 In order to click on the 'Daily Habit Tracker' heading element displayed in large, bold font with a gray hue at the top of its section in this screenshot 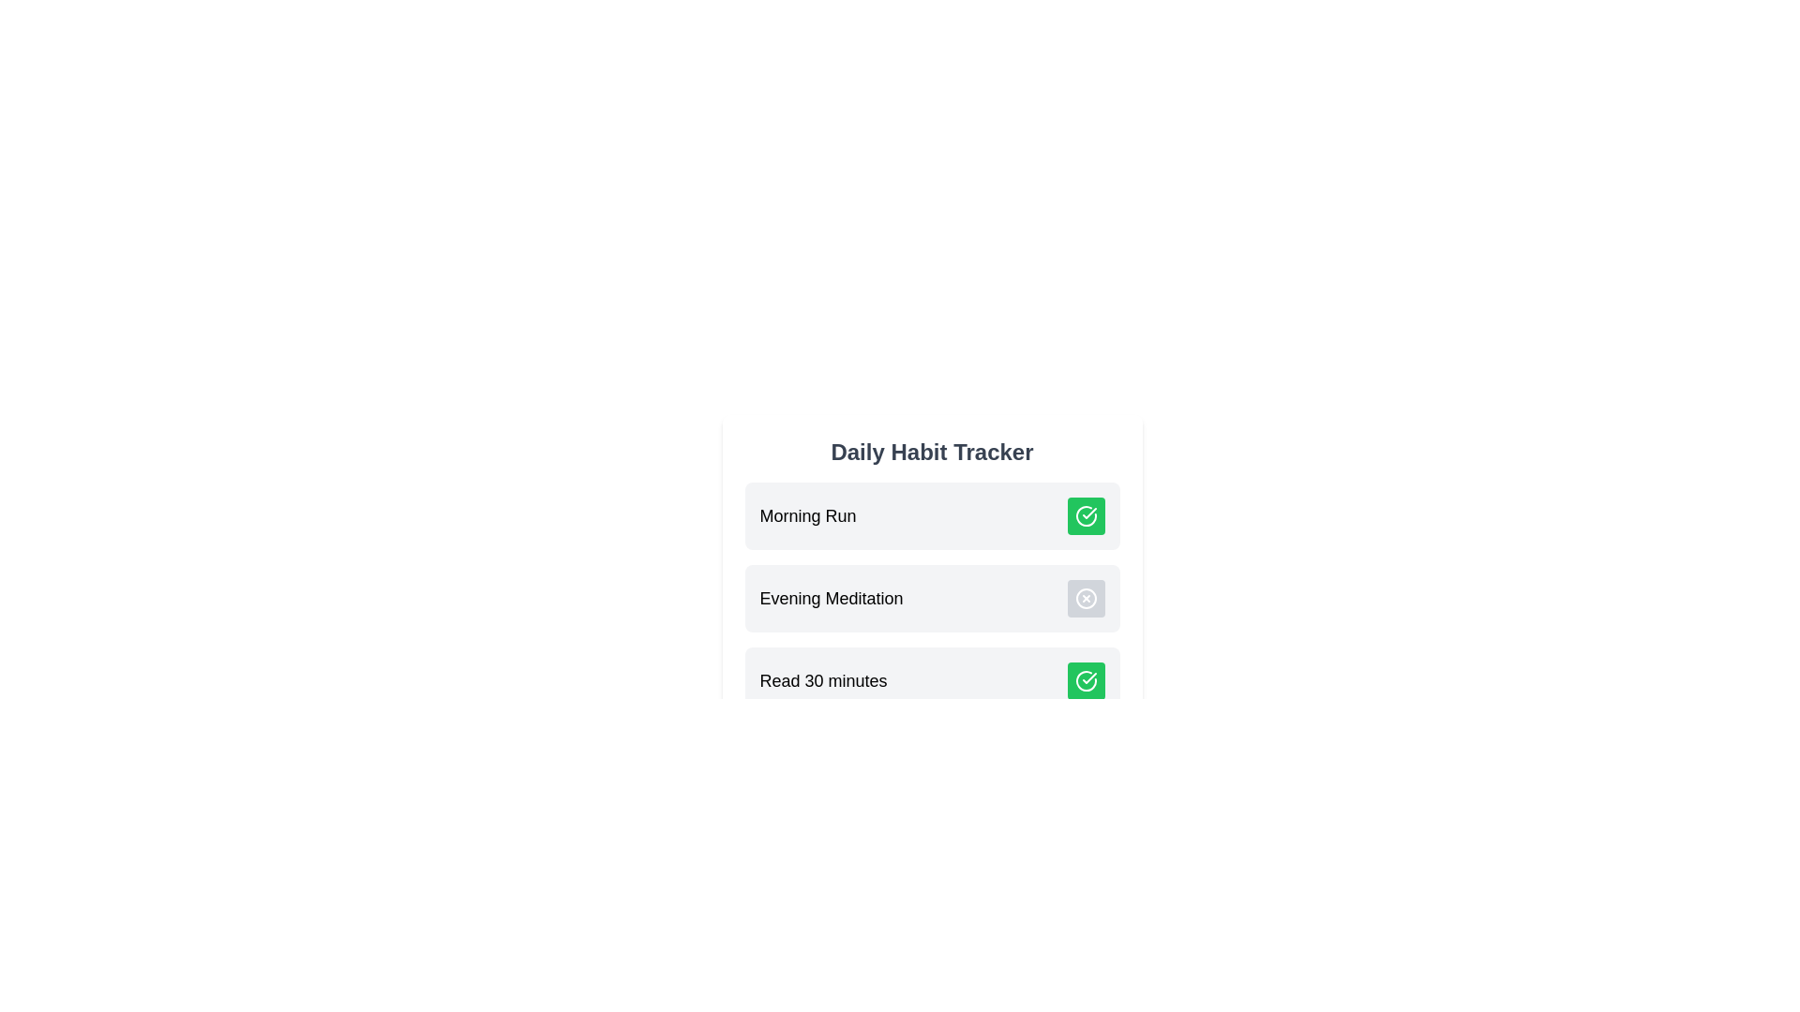, I will do `click(932, 452)`.